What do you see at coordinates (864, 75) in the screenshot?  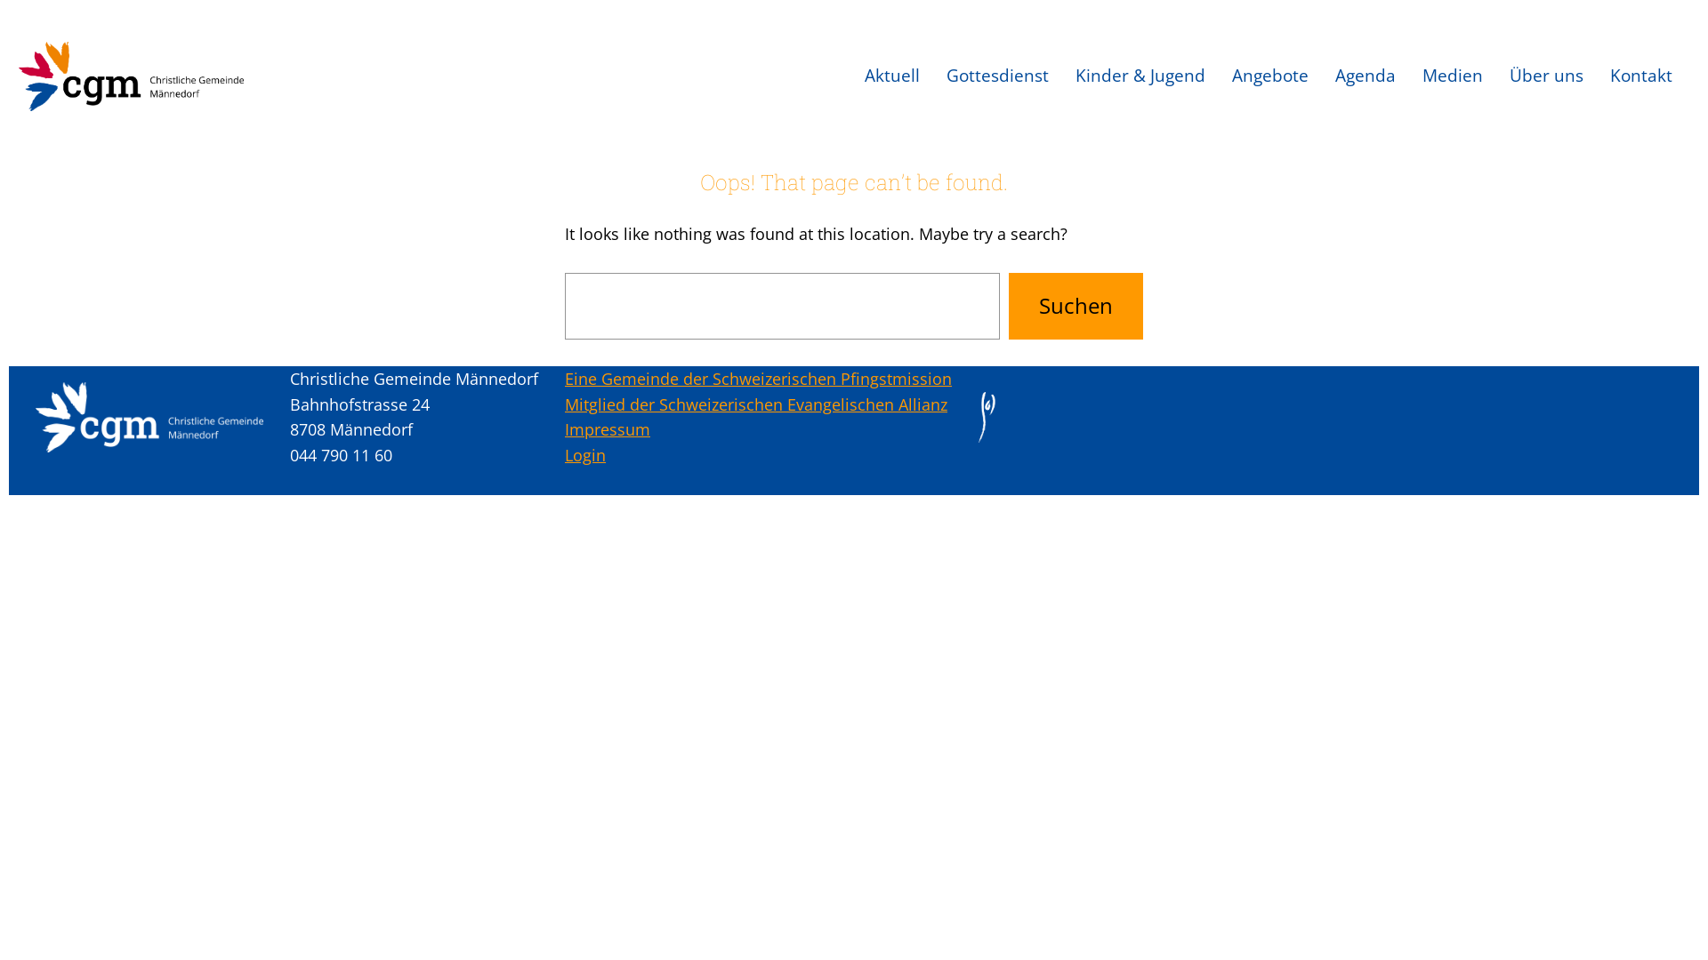 I see `'Aktuell'` at bounding box center [864, 75].